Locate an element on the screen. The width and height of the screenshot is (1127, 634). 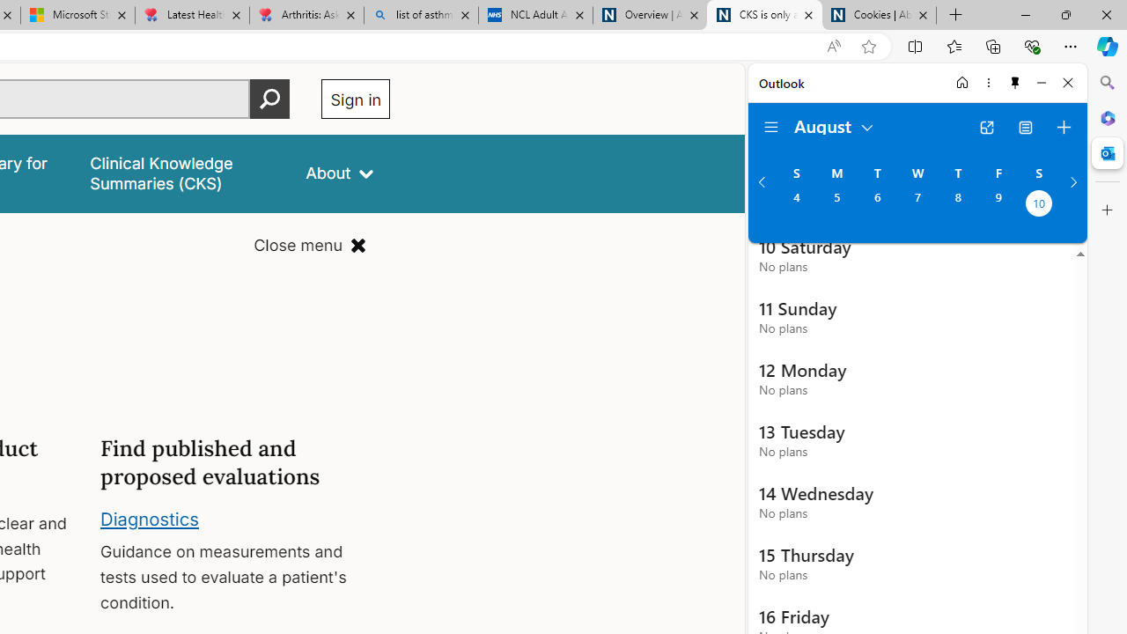
'list of asthma inhalers uk - Search' is located at coordinates (420, 15).